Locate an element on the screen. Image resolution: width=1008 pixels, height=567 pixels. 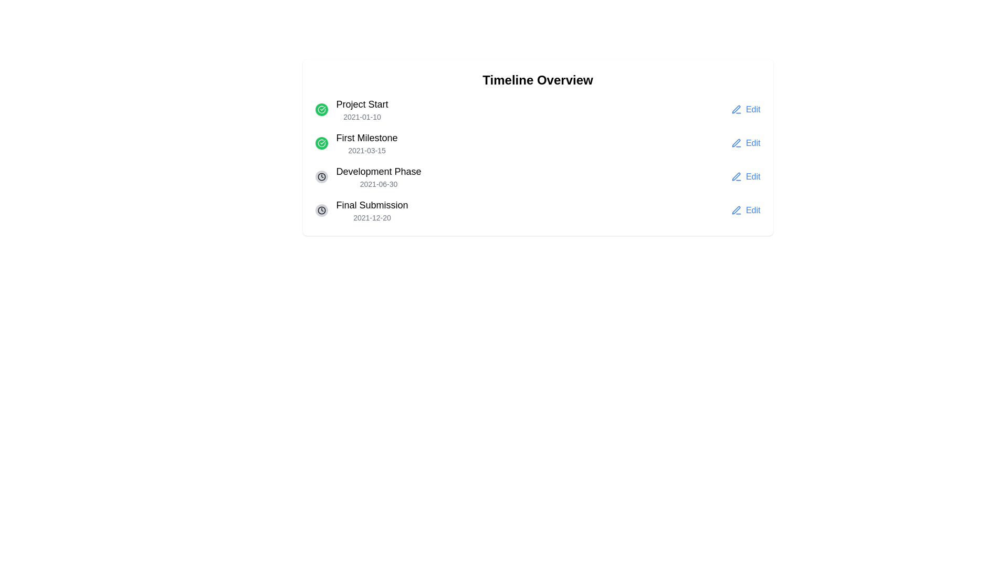
the clock icon with a light gray background located in the 'Development Phase' section of the timeline interface, which is the third icon in the sequence of timeline items is located at coordinates (321, 176).